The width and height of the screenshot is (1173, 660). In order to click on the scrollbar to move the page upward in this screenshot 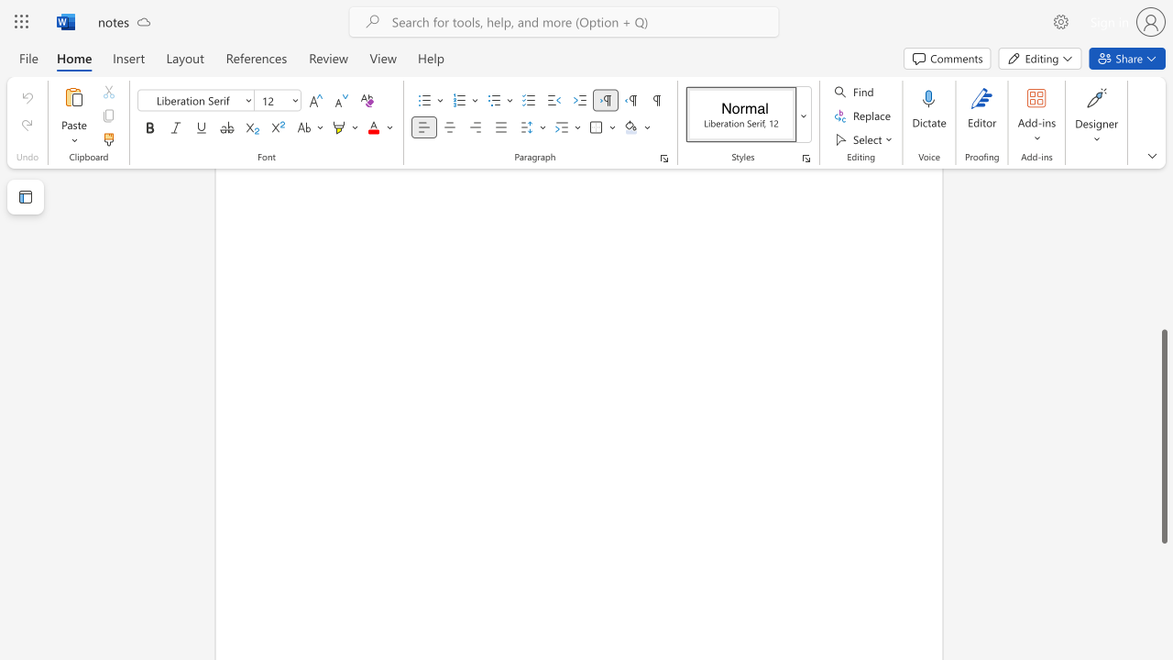, I will do `click(1163, 310)`.